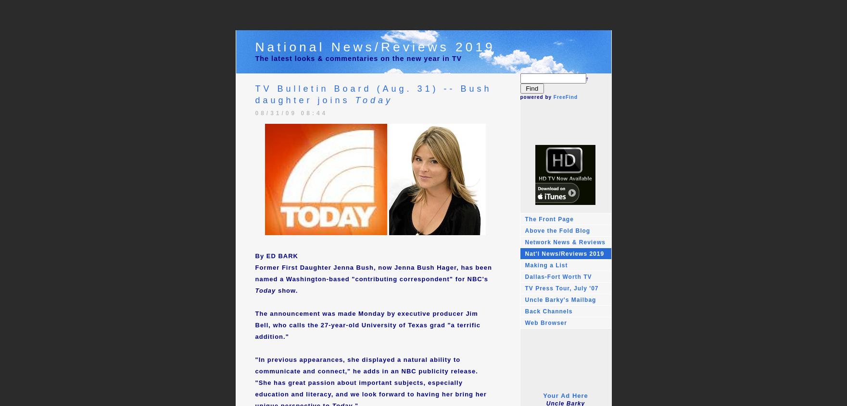 Image resolution: width=847 pixels, height=406 pixels. Describe the element at coordinates (291, 113) in the screenshot. I see `'08/31/09 08:44'` at that location.